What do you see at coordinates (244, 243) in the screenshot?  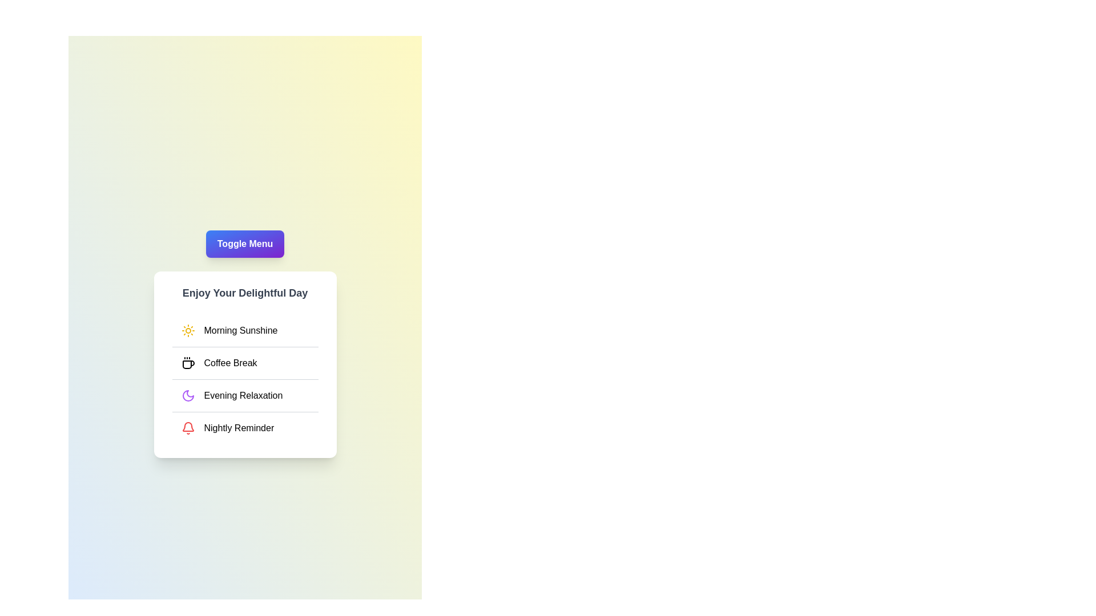 I see `the 'Toggle Menu' button to toggle the menu visibility` at bounding box center [244, 243].